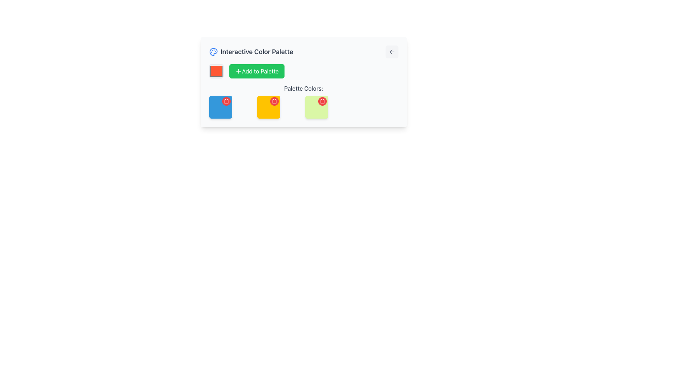  I want to click on the trash icon styled as a deletion button located at the top-right corner of the interactive buttons in the 'Palette Colors' section, so click(322, 101).